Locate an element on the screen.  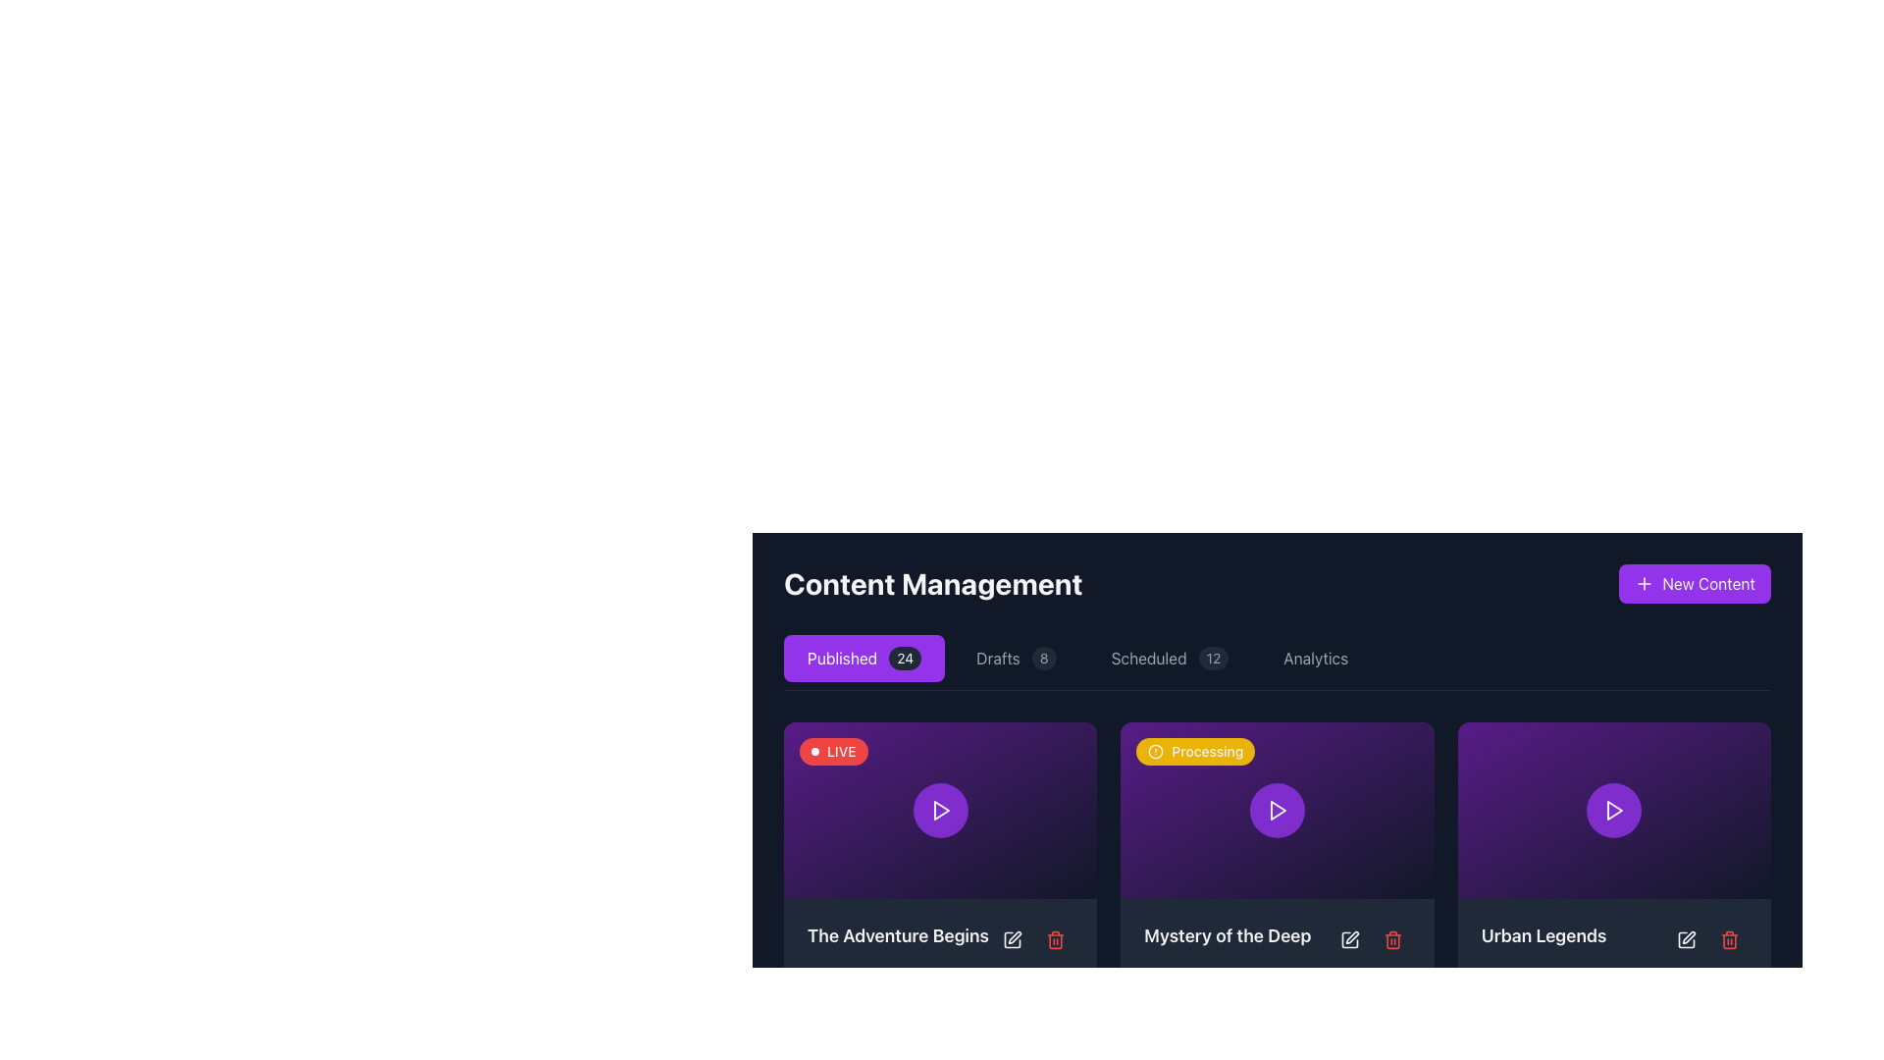
the 'Scheduled' text label located in the navigation bar at the top of the content grid, which helps the user identify content marked as 'Scheduled' is located at coordinates (1149, 659).